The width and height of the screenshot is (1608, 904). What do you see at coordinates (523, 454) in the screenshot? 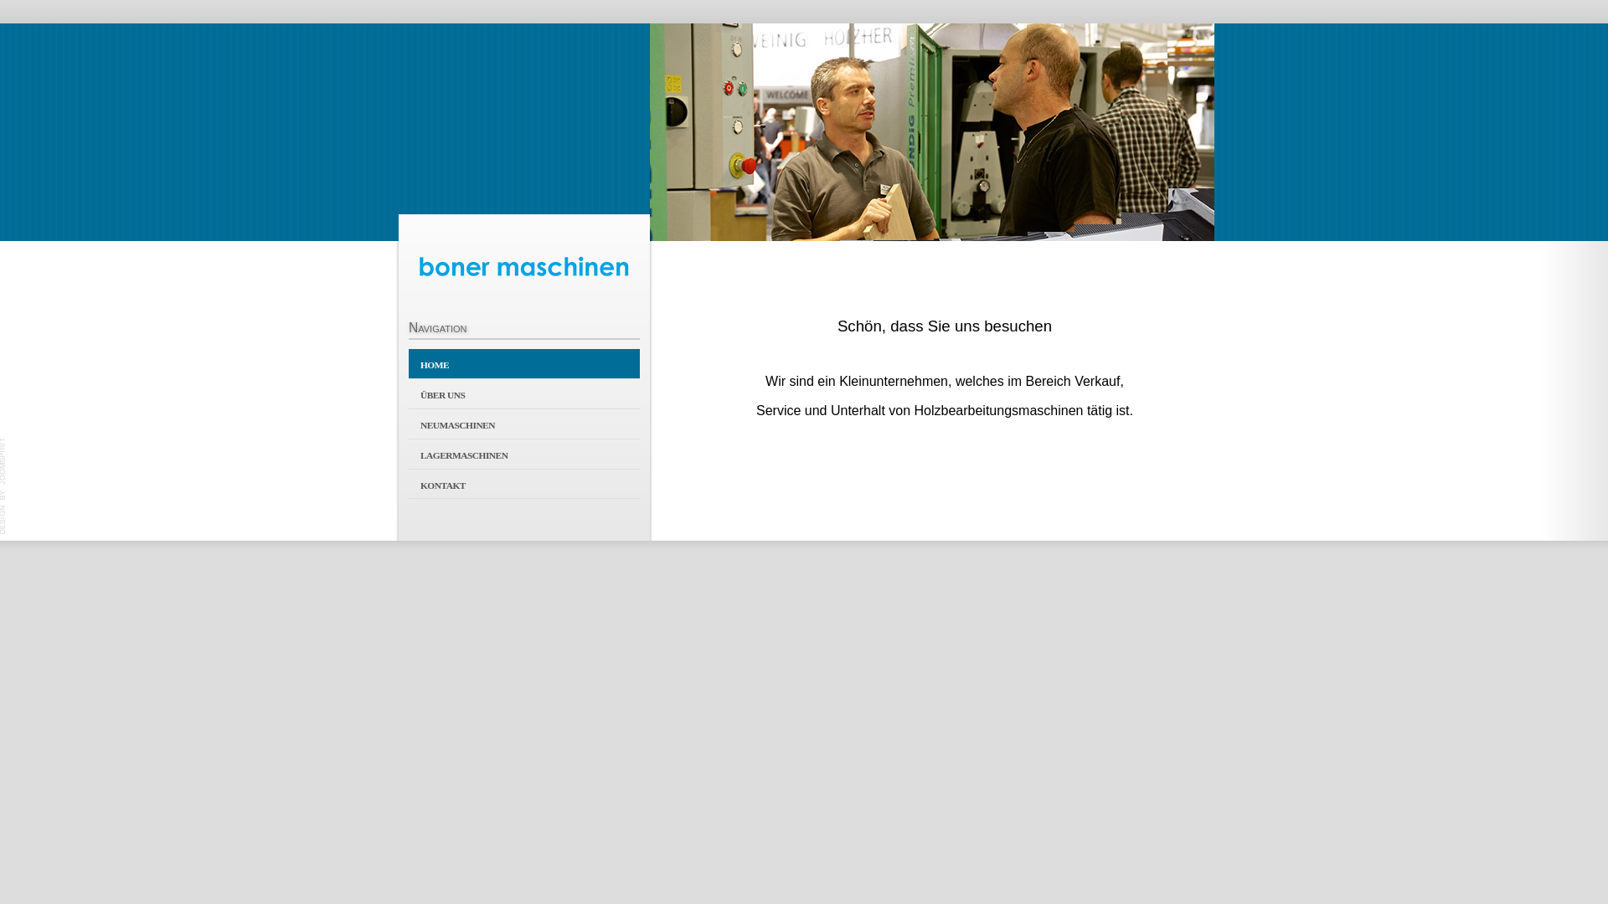
I see `'LAGERMASCHINEN'` at bounding box center [523, 454].